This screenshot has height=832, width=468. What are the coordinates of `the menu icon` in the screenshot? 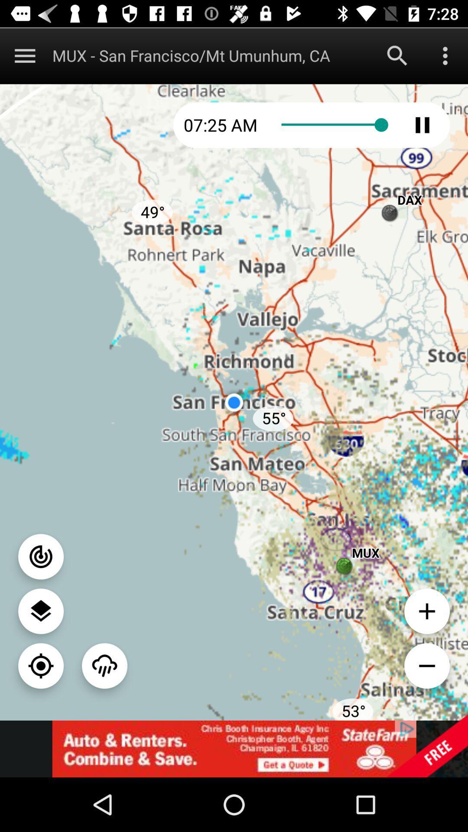 It's located at (24, 55).